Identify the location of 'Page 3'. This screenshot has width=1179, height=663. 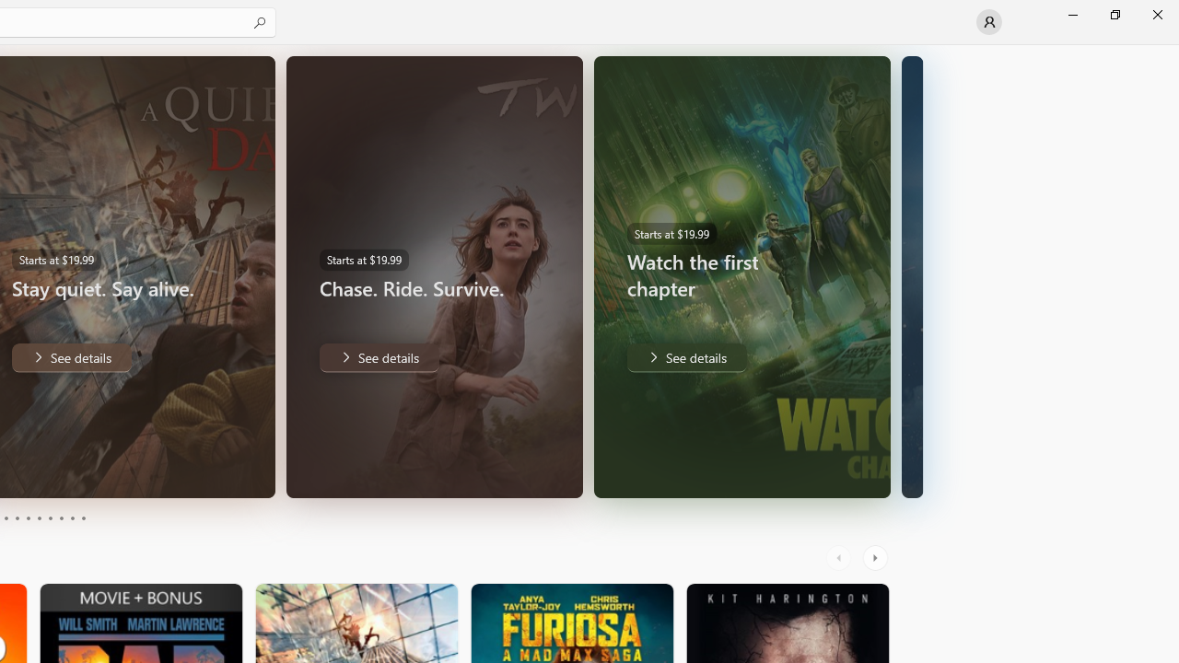
(5, 518).